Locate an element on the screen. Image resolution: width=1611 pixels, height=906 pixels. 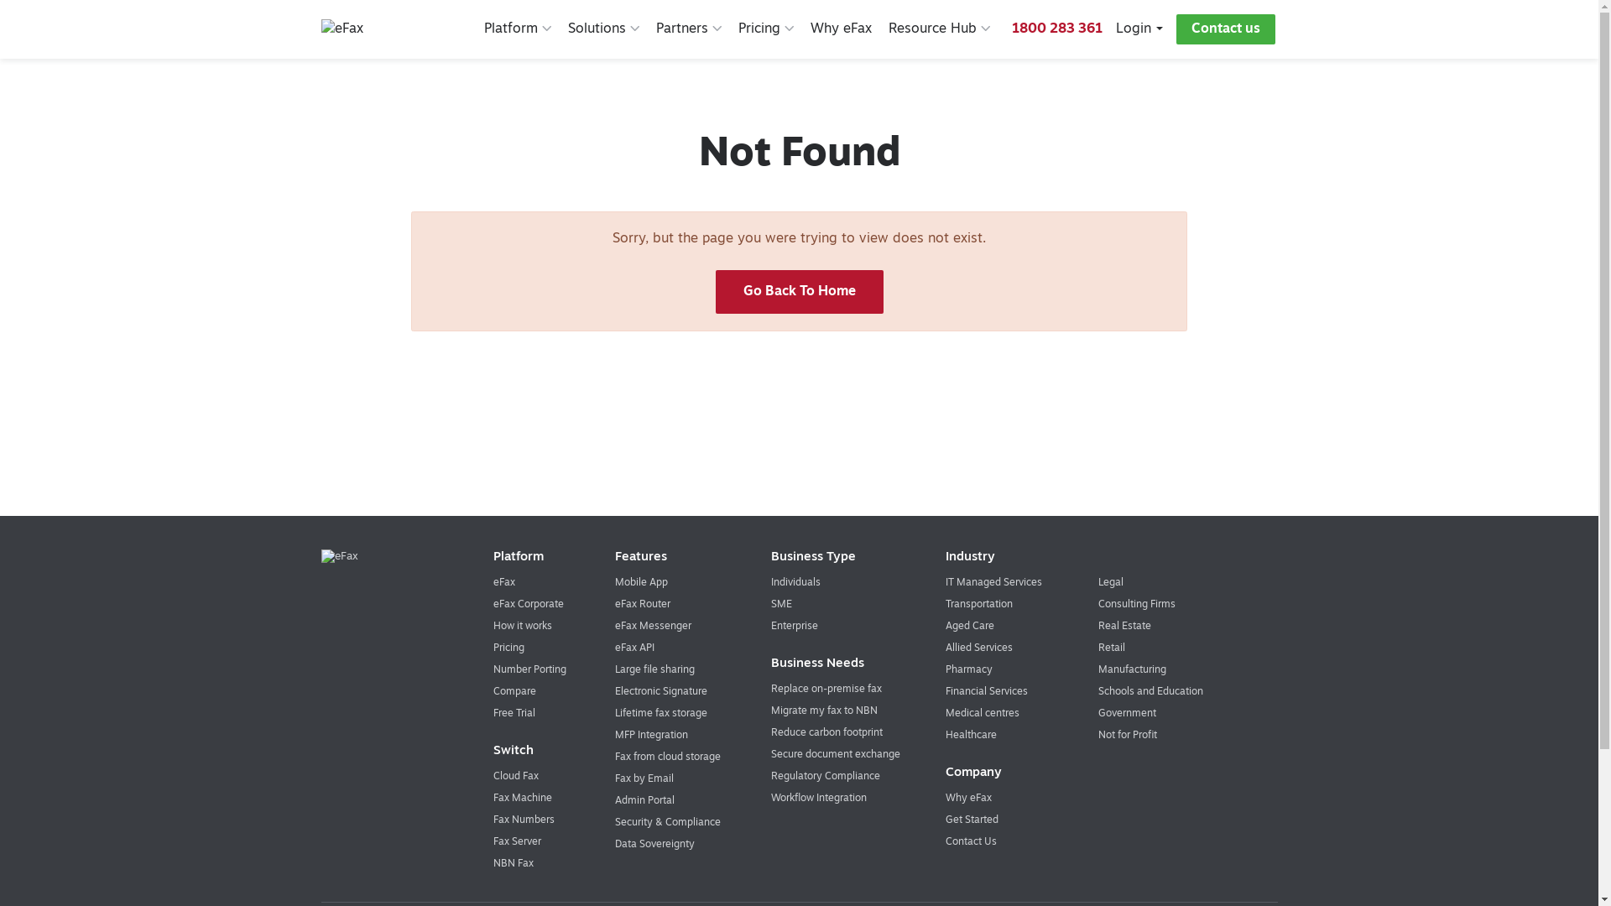
'Medical centres' is located at coordinates (946, 714).